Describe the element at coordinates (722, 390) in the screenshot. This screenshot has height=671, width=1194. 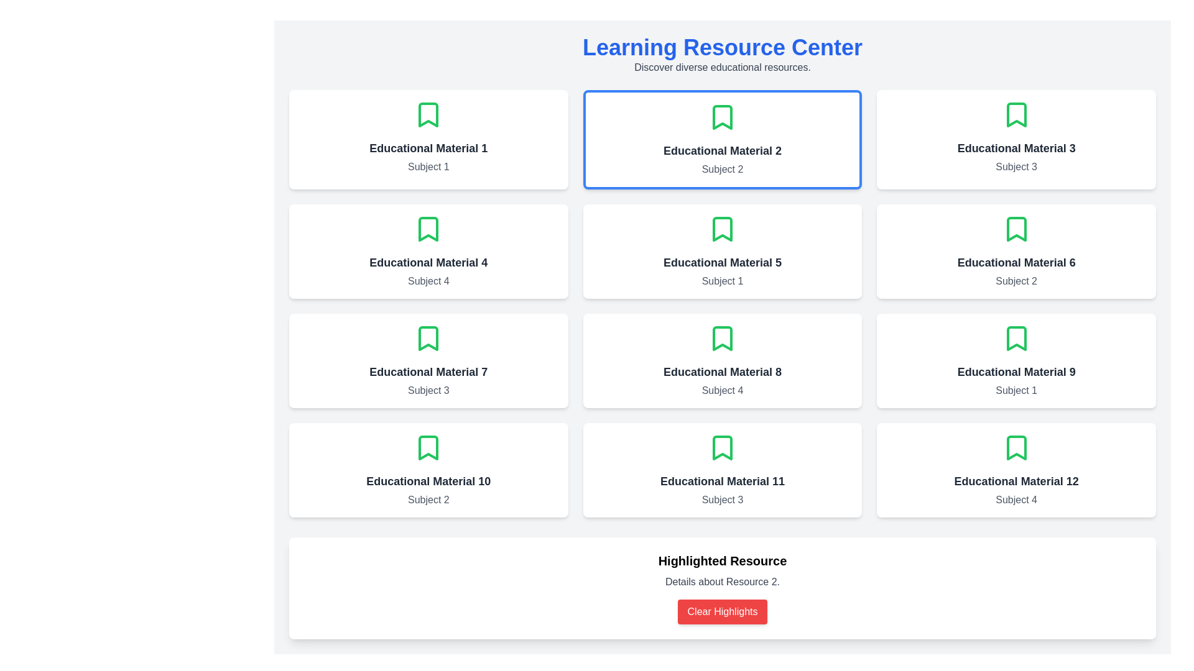
I see `the static text label displaying the subject category of the educational material at the bottom of the card labeled 'Educational Material 8', located in the second column of the third row in a grid layout` at that location.